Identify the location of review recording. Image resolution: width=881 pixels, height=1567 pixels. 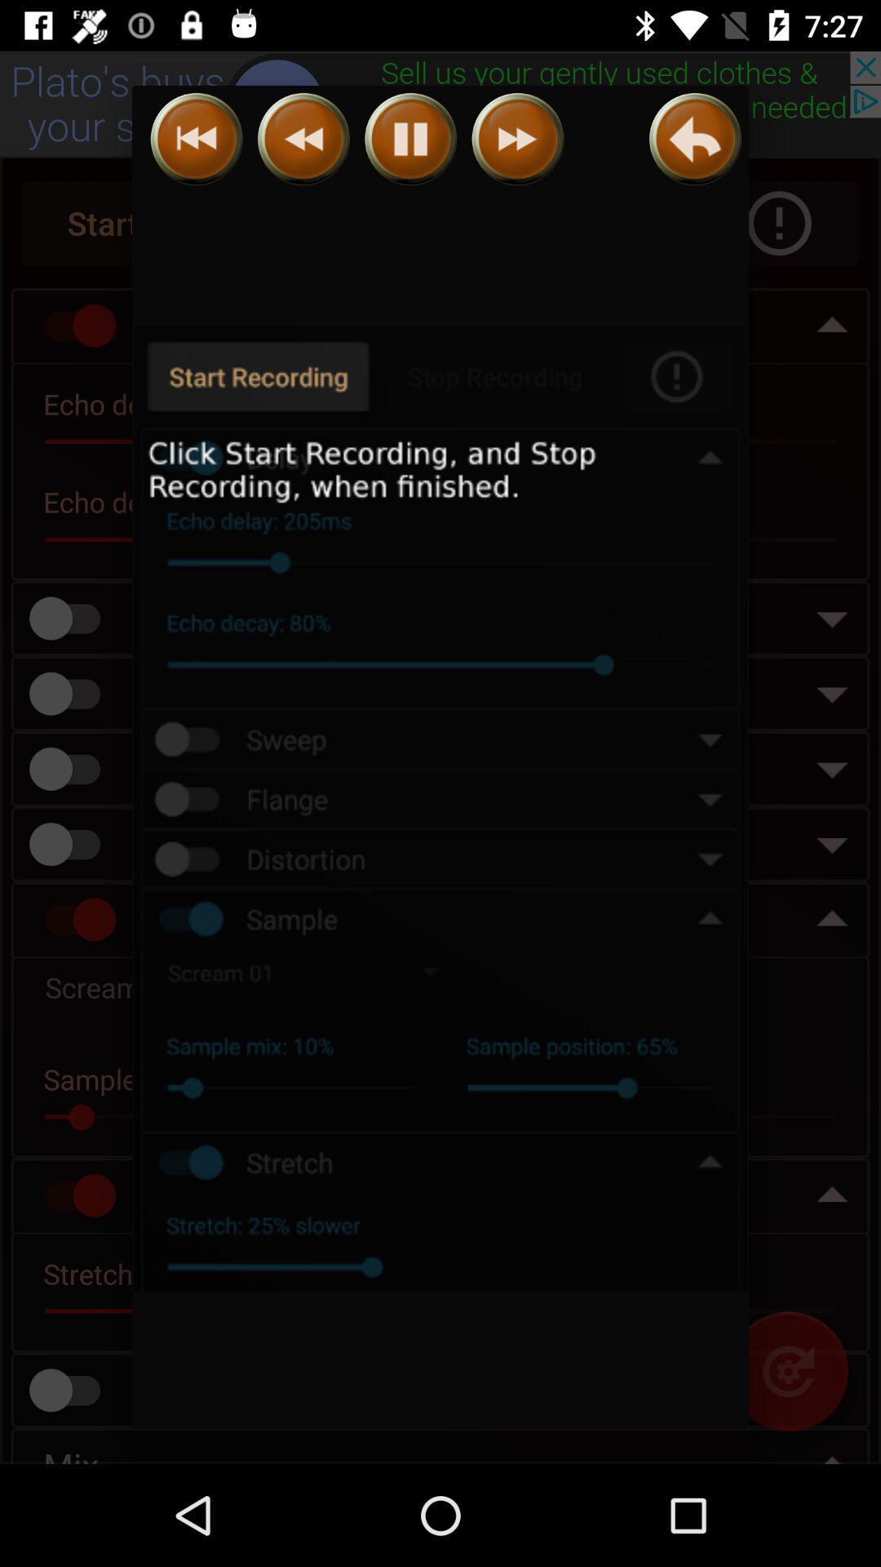
(695, 139).